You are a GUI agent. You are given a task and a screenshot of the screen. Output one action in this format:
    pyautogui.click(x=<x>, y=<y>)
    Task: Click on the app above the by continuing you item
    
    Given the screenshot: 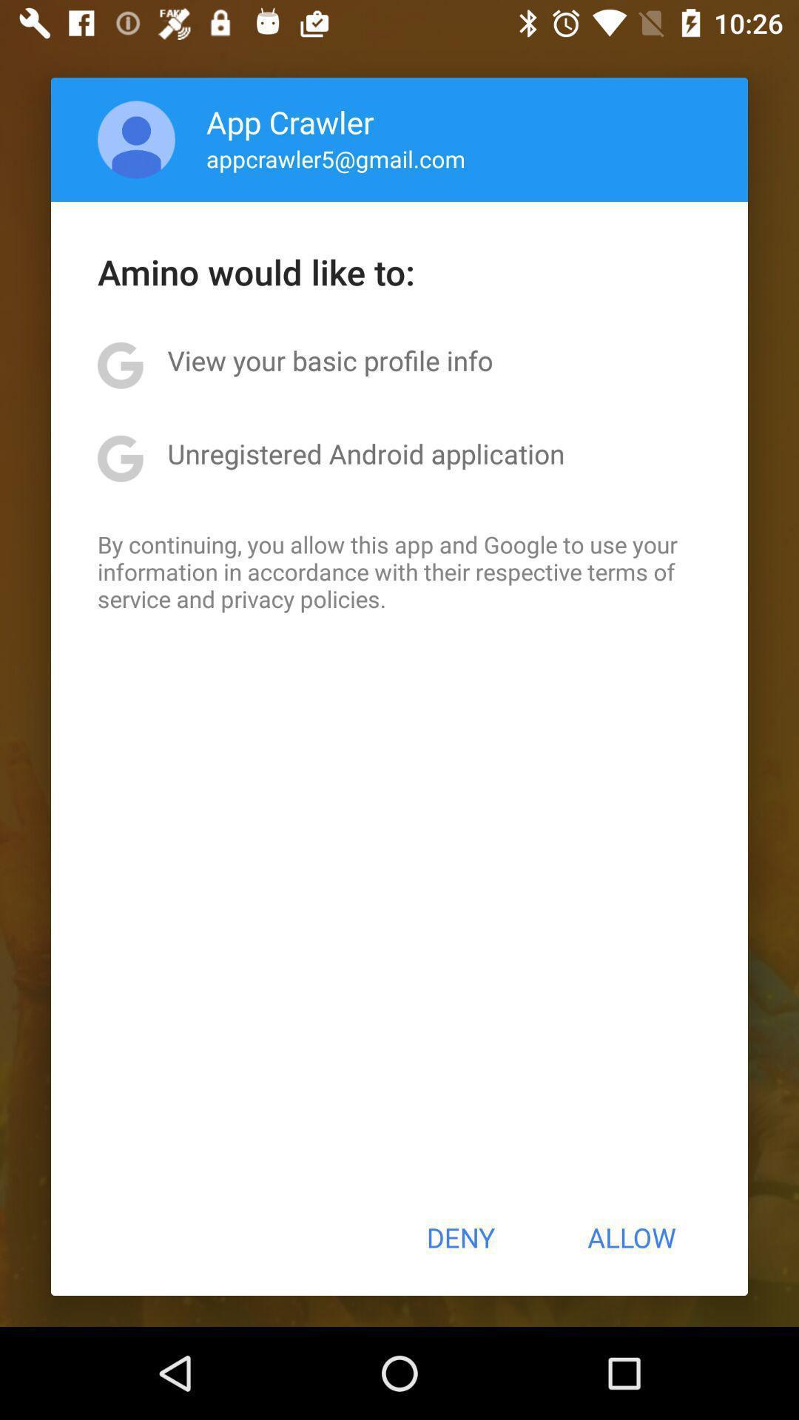 What is the action you would take?
    pyautogui.click(x=365, y=453)
    